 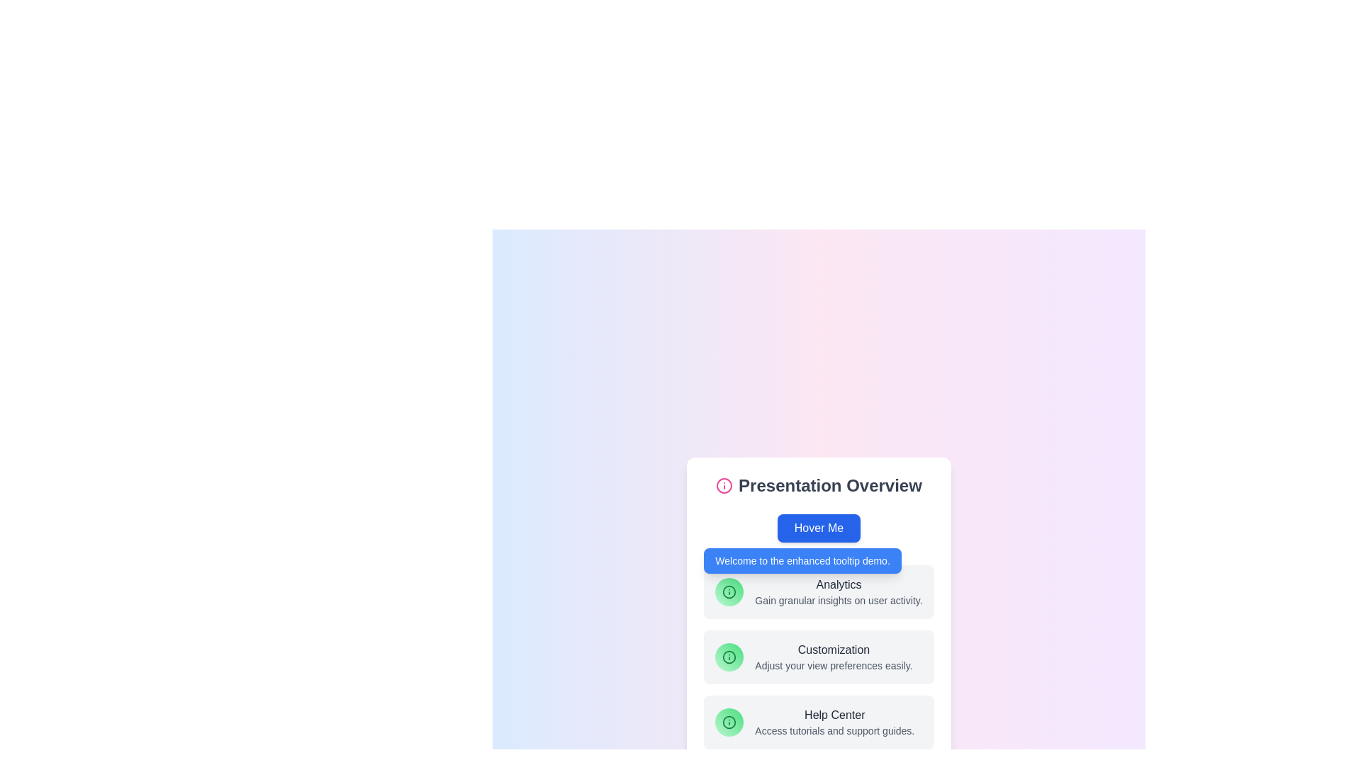 What do you see at coordinates (729, 592) in the screenshot?
I see `the circular green gradient icon with an 'i' located to the left of the 'Analytics' section title in the content card labeled 'Analytics - Gain granular insights on user activity.'` at bounding box center [729, 592].